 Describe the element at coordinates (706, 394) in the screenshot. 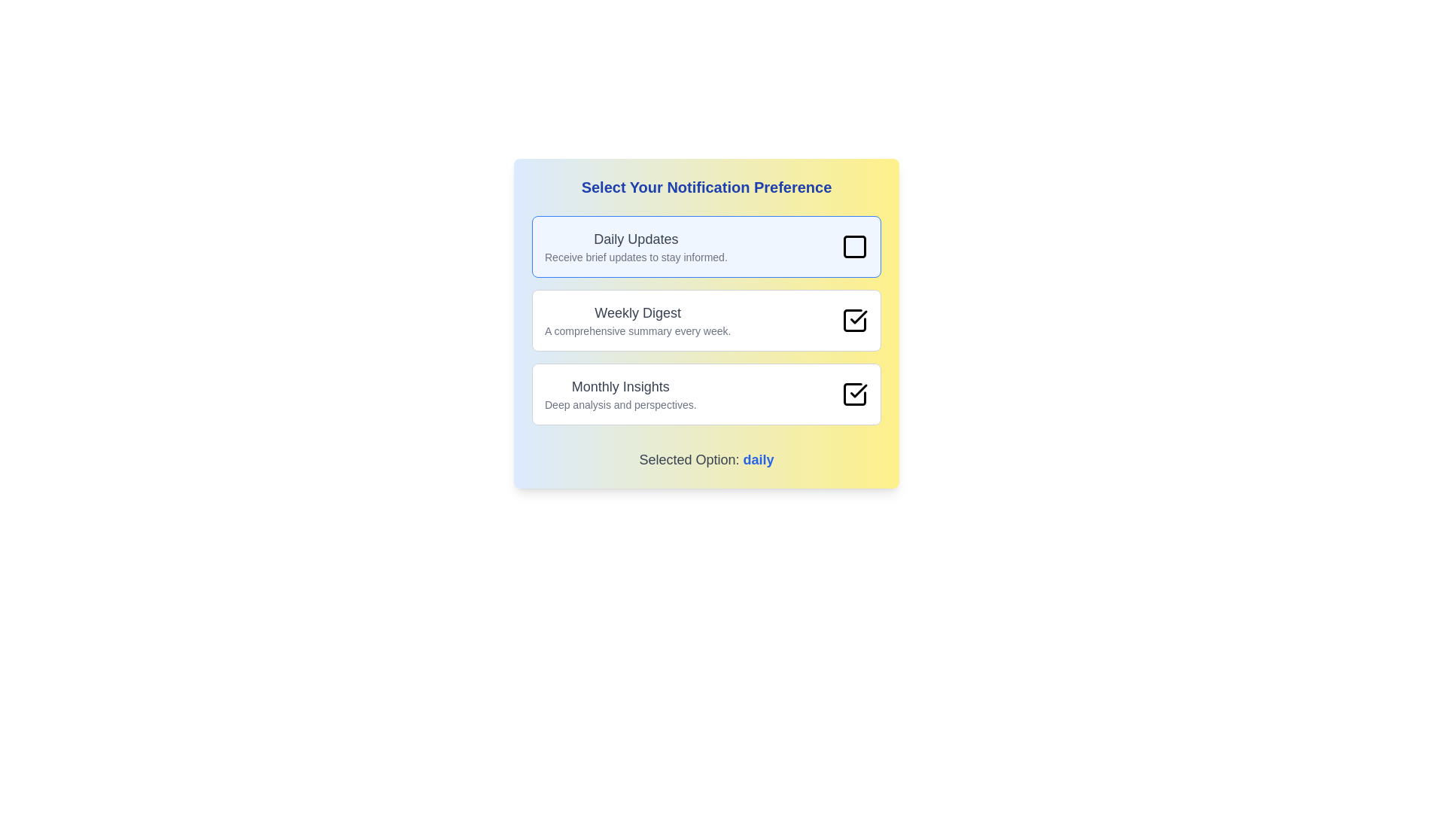

I see `the 'Monthly Insights' selectable option panel, which is the third option in the list` at that location.